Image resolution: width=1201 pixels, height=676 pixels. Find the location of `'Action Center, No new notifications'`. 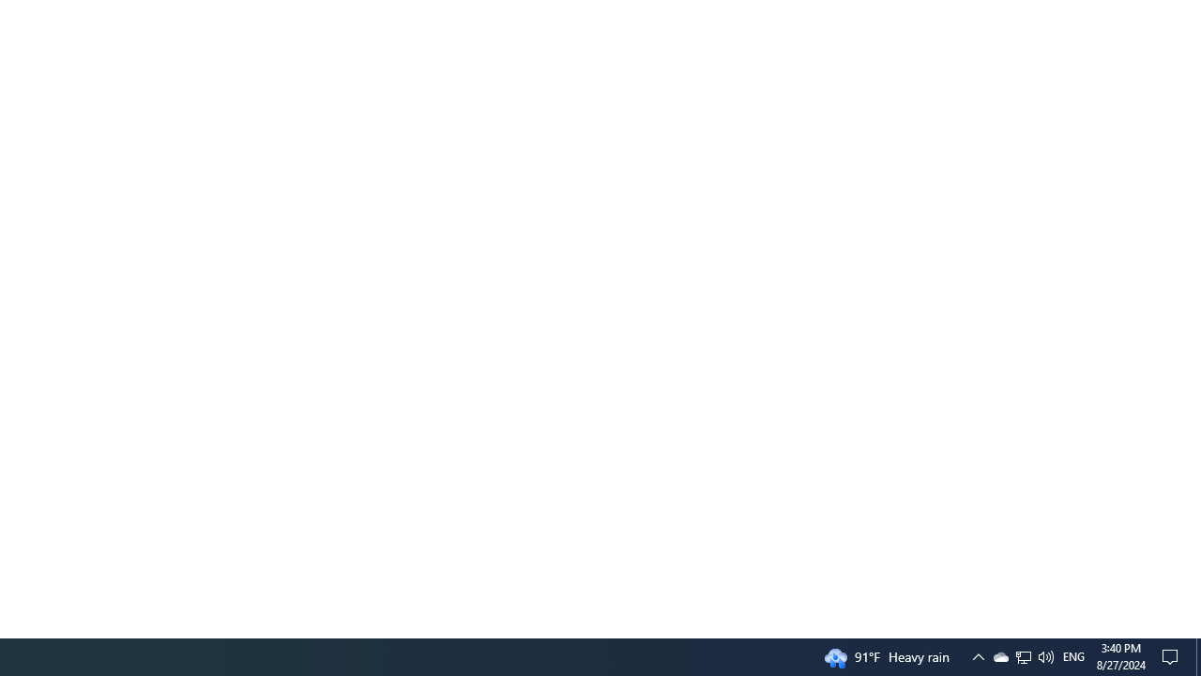

'Action Center, No new notifications' is located at coordinates (1173, 655).